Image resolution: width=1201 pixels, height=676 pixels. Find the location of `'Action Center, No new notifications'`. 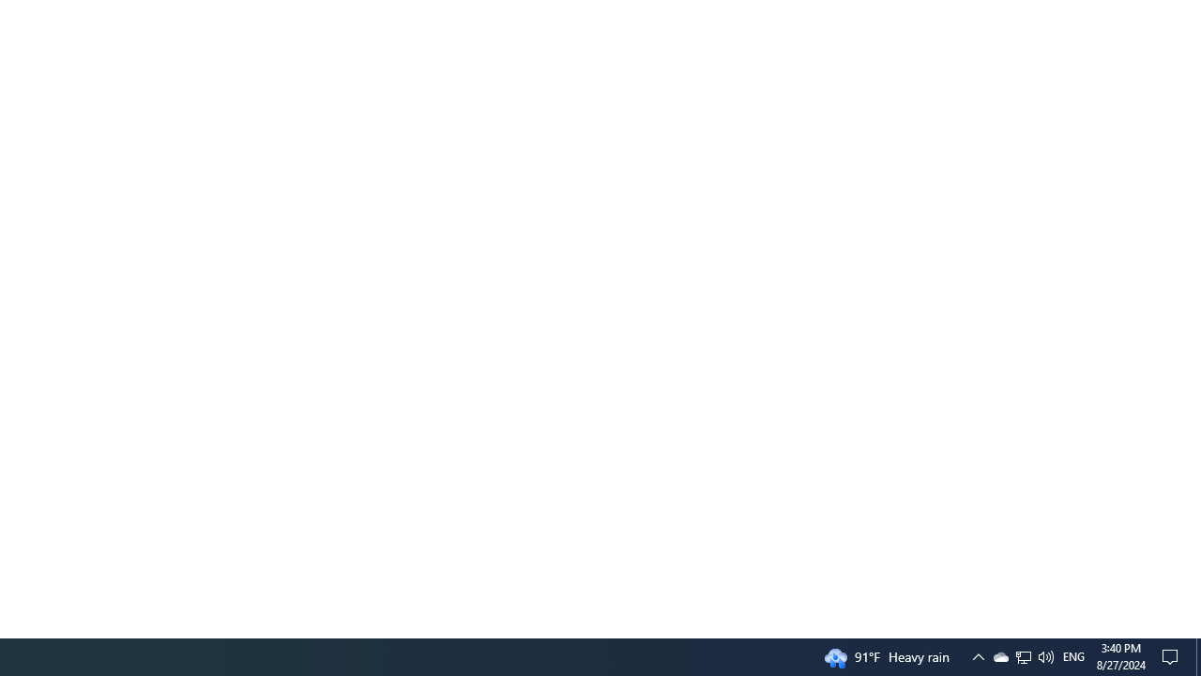

'Action Center, No new notifications' is located at coordinates (1173, 655).